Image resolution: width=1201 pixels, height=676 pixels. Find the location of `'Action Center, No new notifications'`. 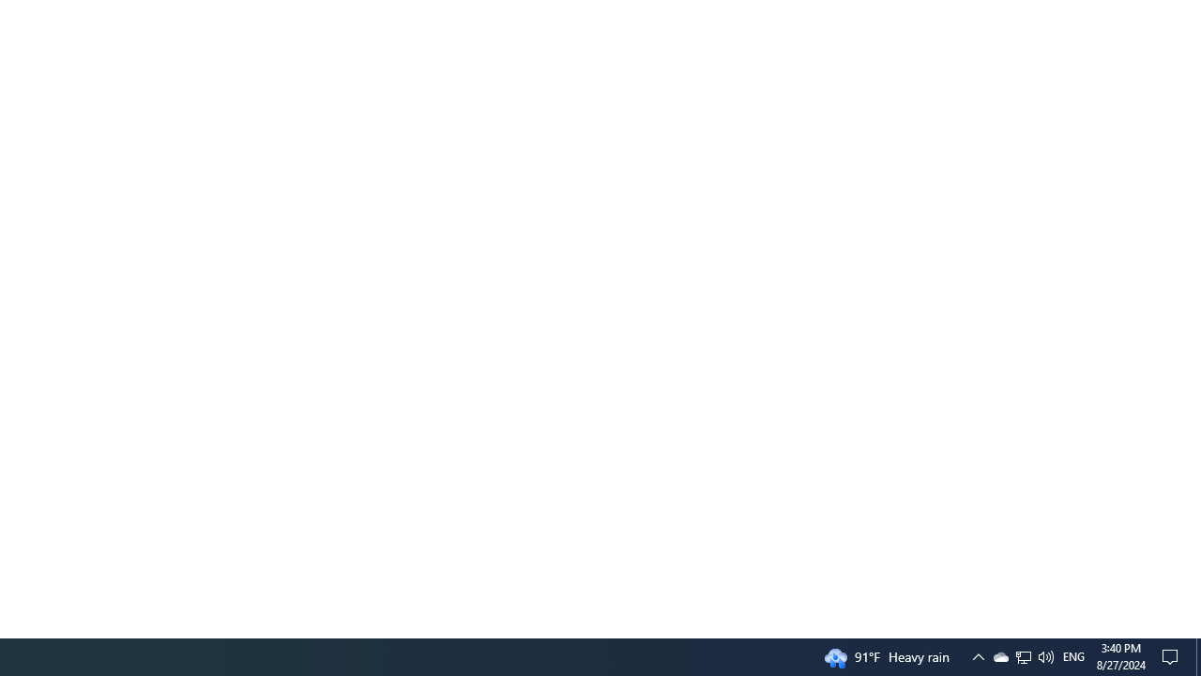

'Action Center, No new notifications' is located at coordinates (1173, 655).